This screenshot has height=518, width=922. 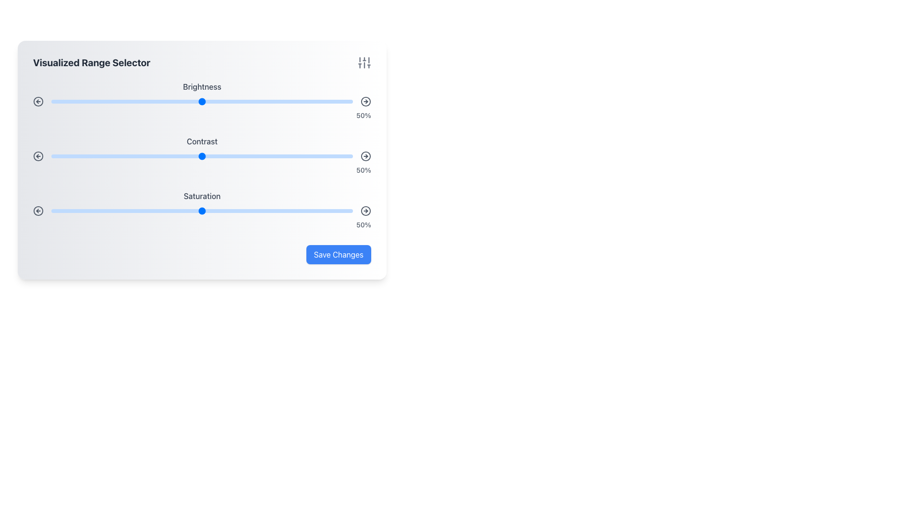 What do you see at coordinates (214, 210) in the screenshot?
I see `the saturation level` at bounding box center [214, 210].